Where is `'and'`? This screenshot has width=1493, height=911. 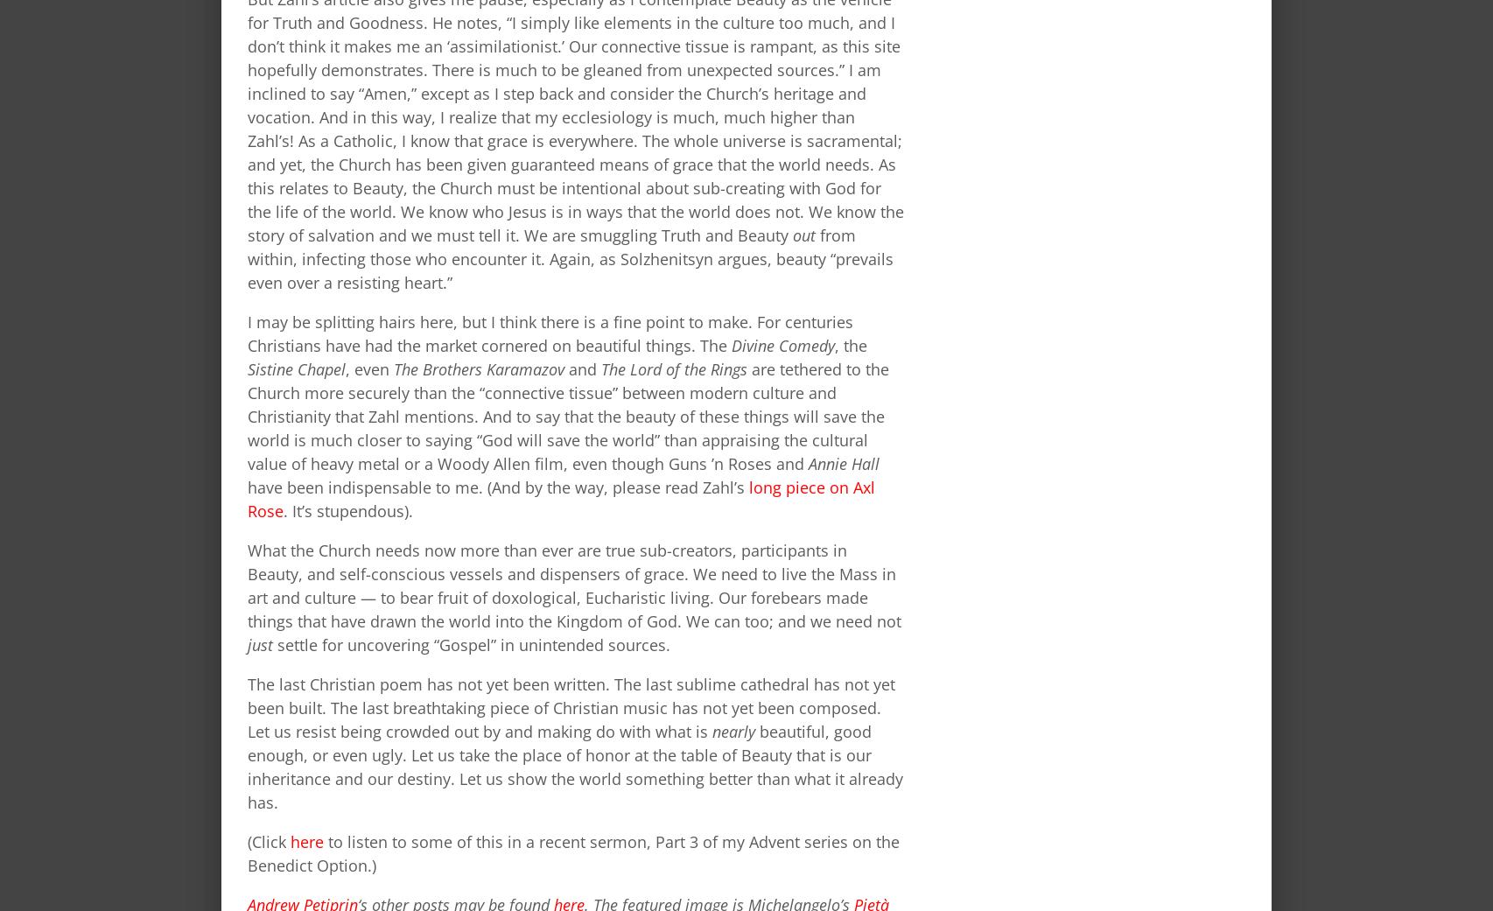
'and' is located at coordinates (564, 367).